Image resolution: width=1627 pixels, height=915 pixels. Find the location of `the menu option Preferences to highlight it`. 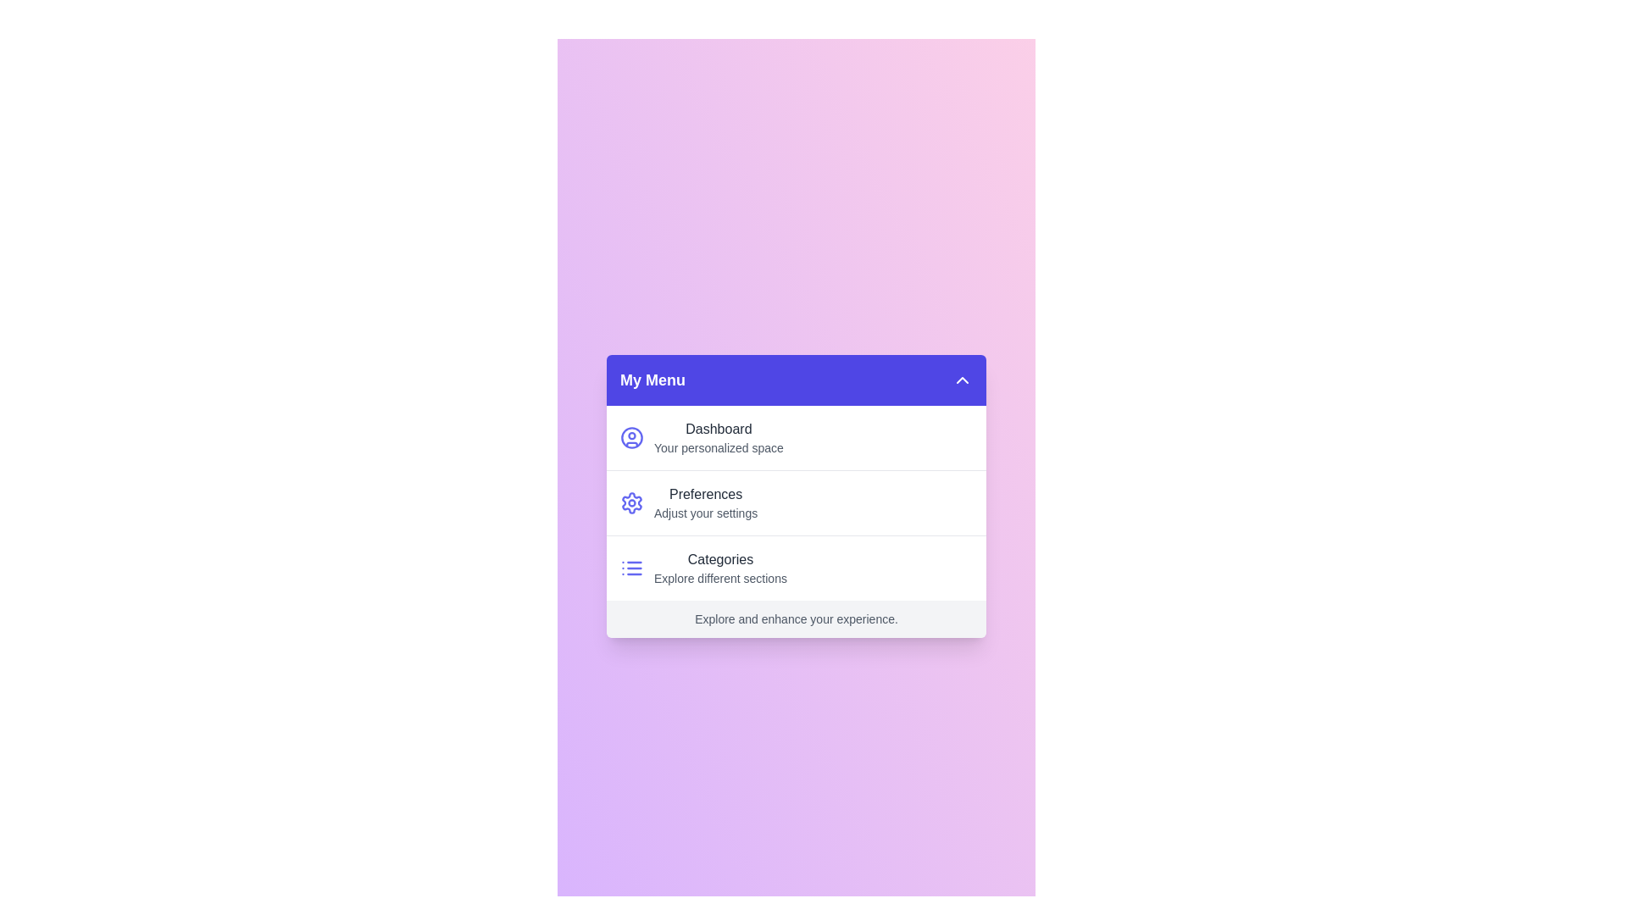

the menu option Preferences to highlight it is located at coordinates (796, 502).